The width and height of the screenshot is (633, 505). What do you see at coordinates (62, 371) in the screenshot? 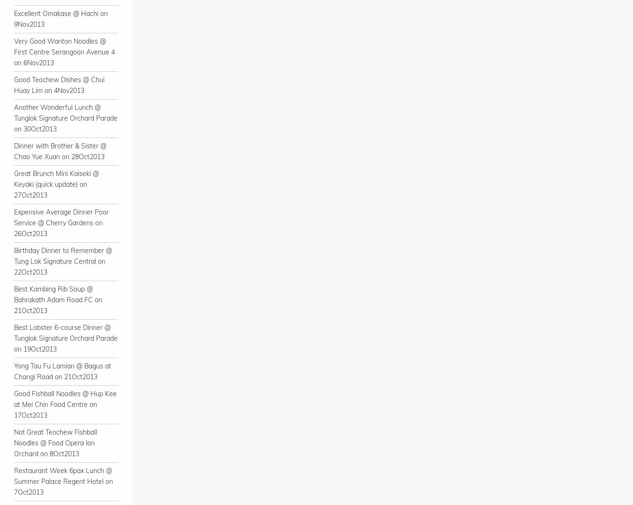
I see `'Yong Tau Fu Lamian @ Bagus at Changi Road on 21Oct2013'` at bounding box center [62, 371].